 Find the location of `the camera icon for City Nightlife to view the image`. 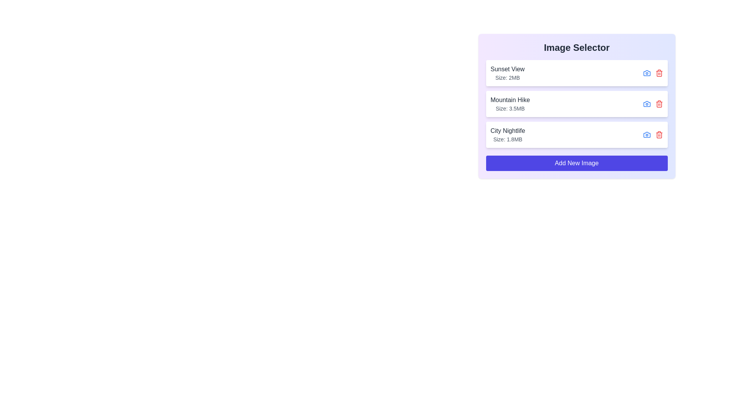

the camera icon for City Nightlife to view the image is located at coordinates (647, 134).